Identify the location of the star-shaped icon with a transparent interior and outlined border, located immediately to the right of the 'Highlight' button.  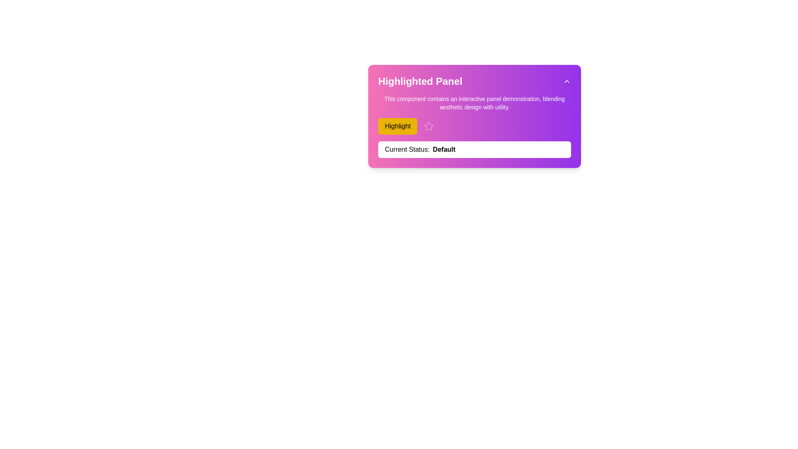
(429, 126).